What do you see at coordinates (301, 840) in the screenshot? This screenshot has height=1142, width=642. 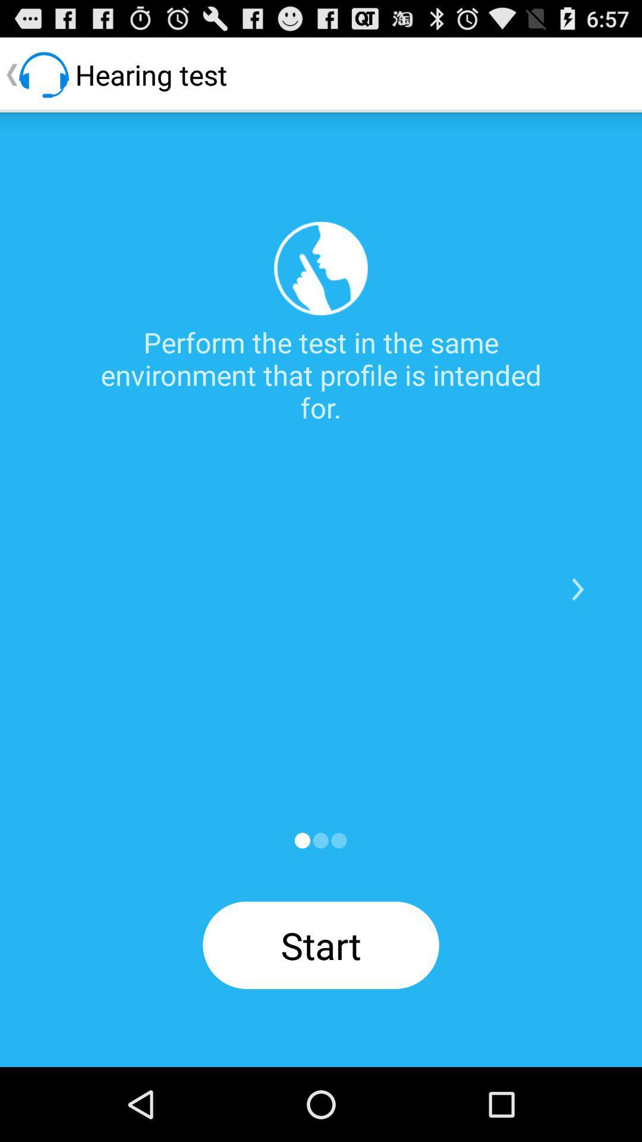 I see `a select option` at bounding box center [301, 840].